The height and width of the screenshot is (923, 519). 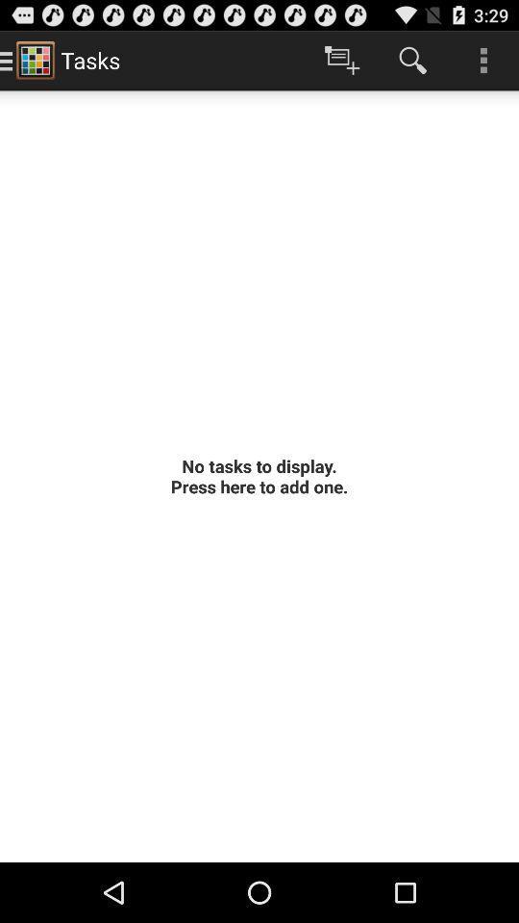 What do you see at coordinates (341, 60) in the screenshot?
I see `app next to the tasks app` at bounding box center [341, 60].